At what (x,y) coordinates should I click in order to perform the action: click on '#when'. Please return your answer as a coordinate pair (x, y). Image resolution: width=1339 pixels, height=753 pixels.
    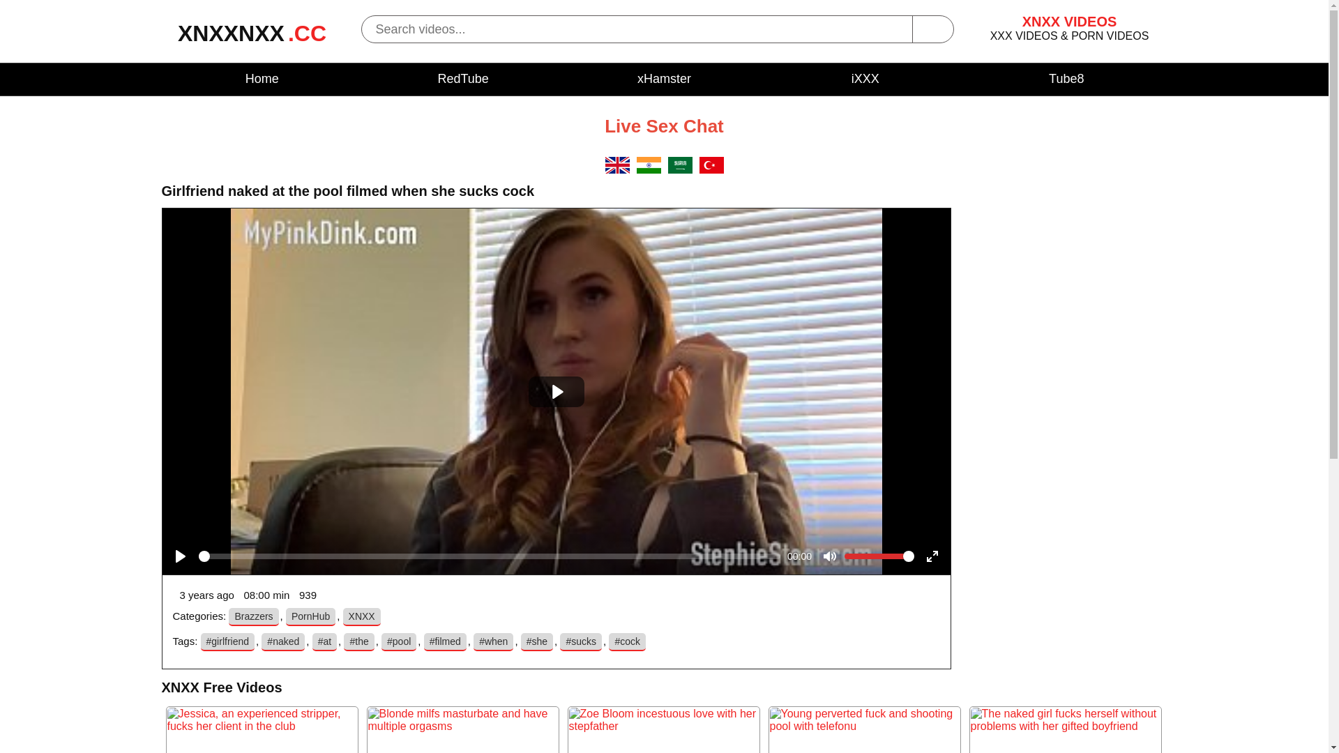
    Looking at the image, I should click on (493, 642).